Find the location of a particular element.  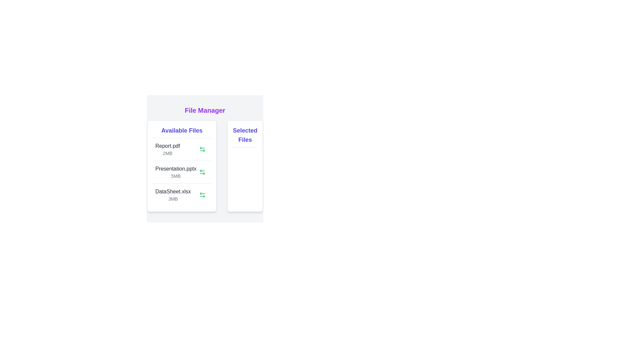

the label displaying the file size information for 'Presentation.pptx' located in the 'Available Files' column, which is the second item in the list is located at coordinates (176, 176).